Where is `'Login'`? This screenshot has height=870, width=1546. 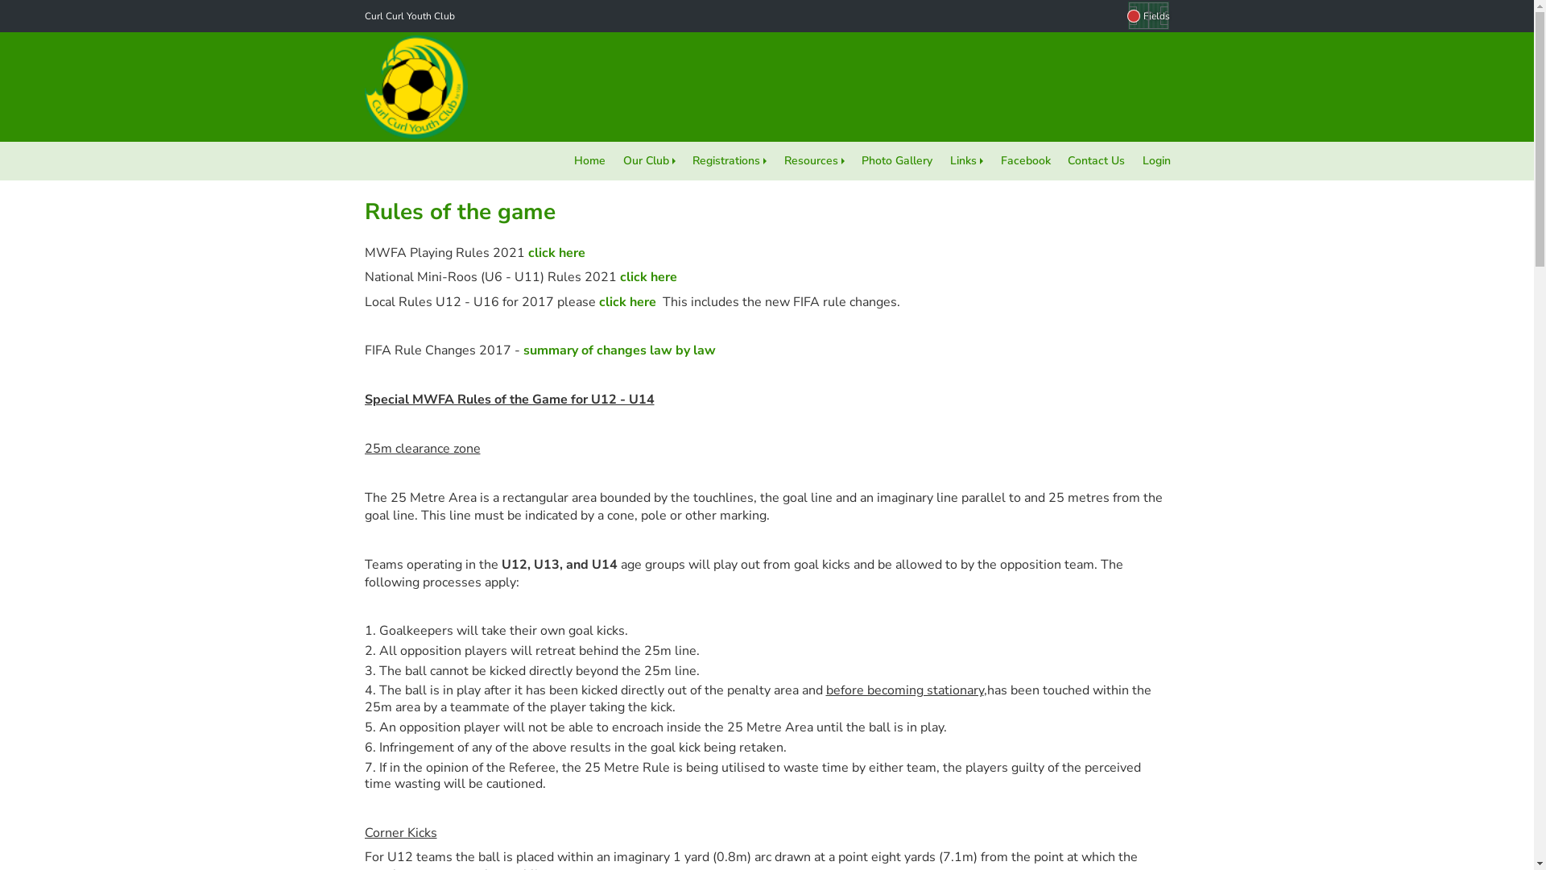
'Login' is located at coordinates (1155, 161).